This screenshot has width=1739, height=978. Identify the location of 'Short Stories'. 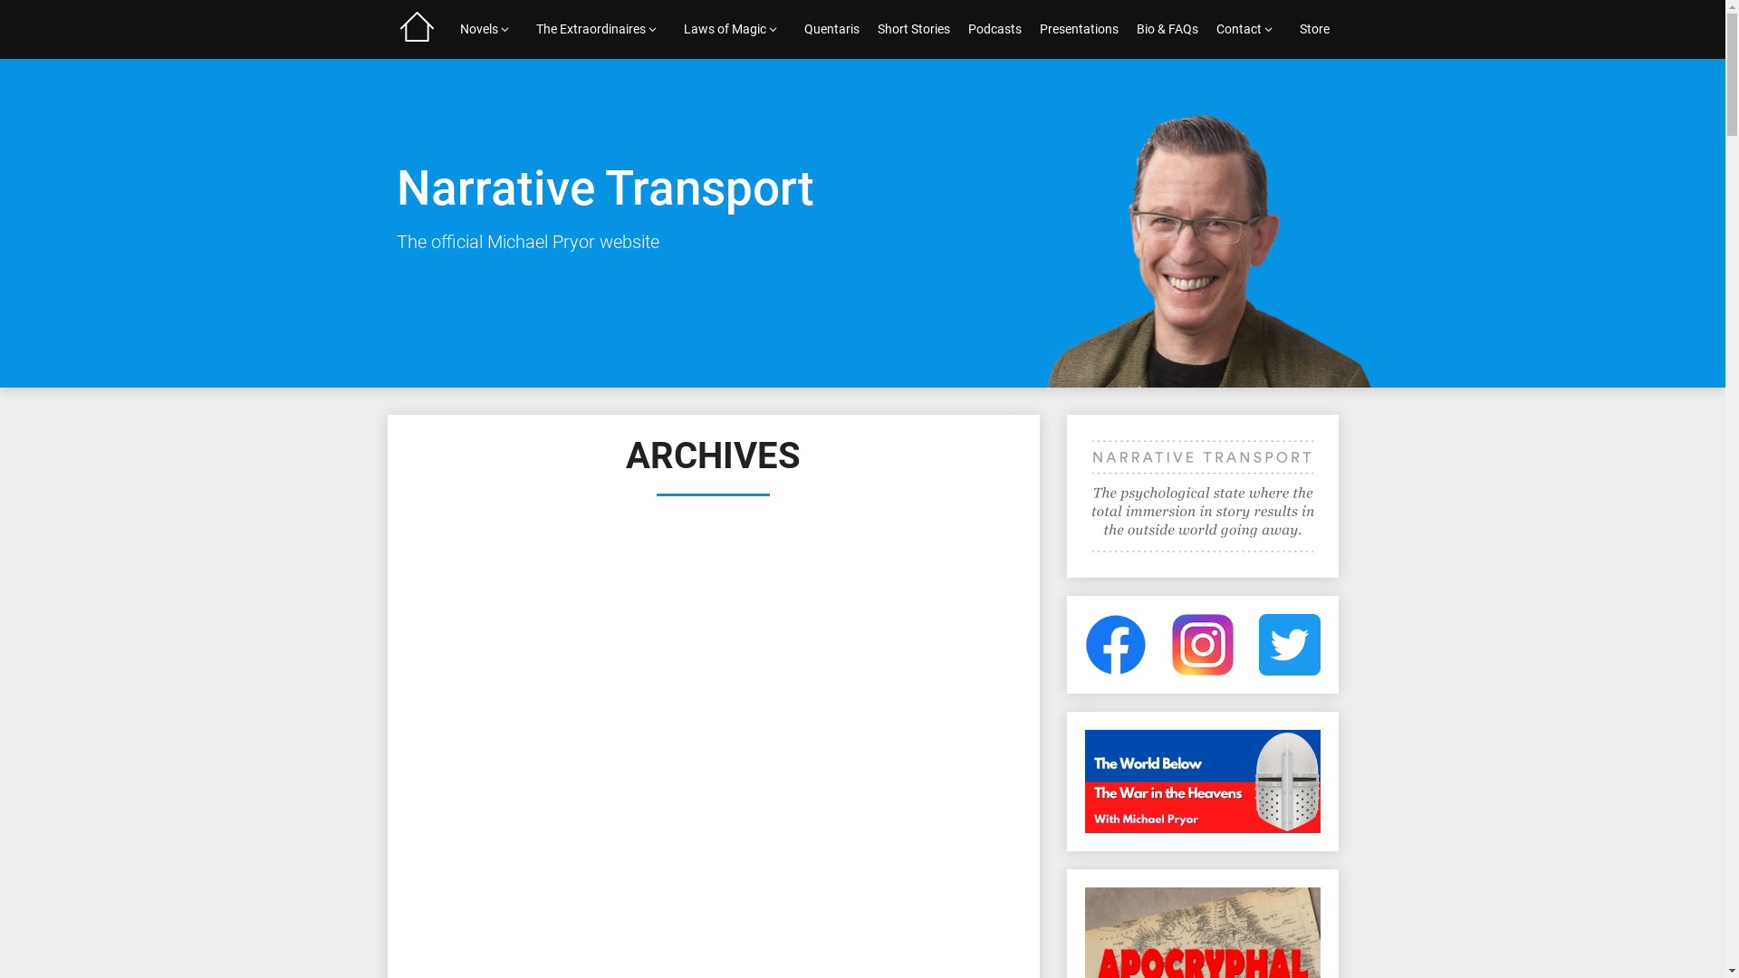
(913, 29).